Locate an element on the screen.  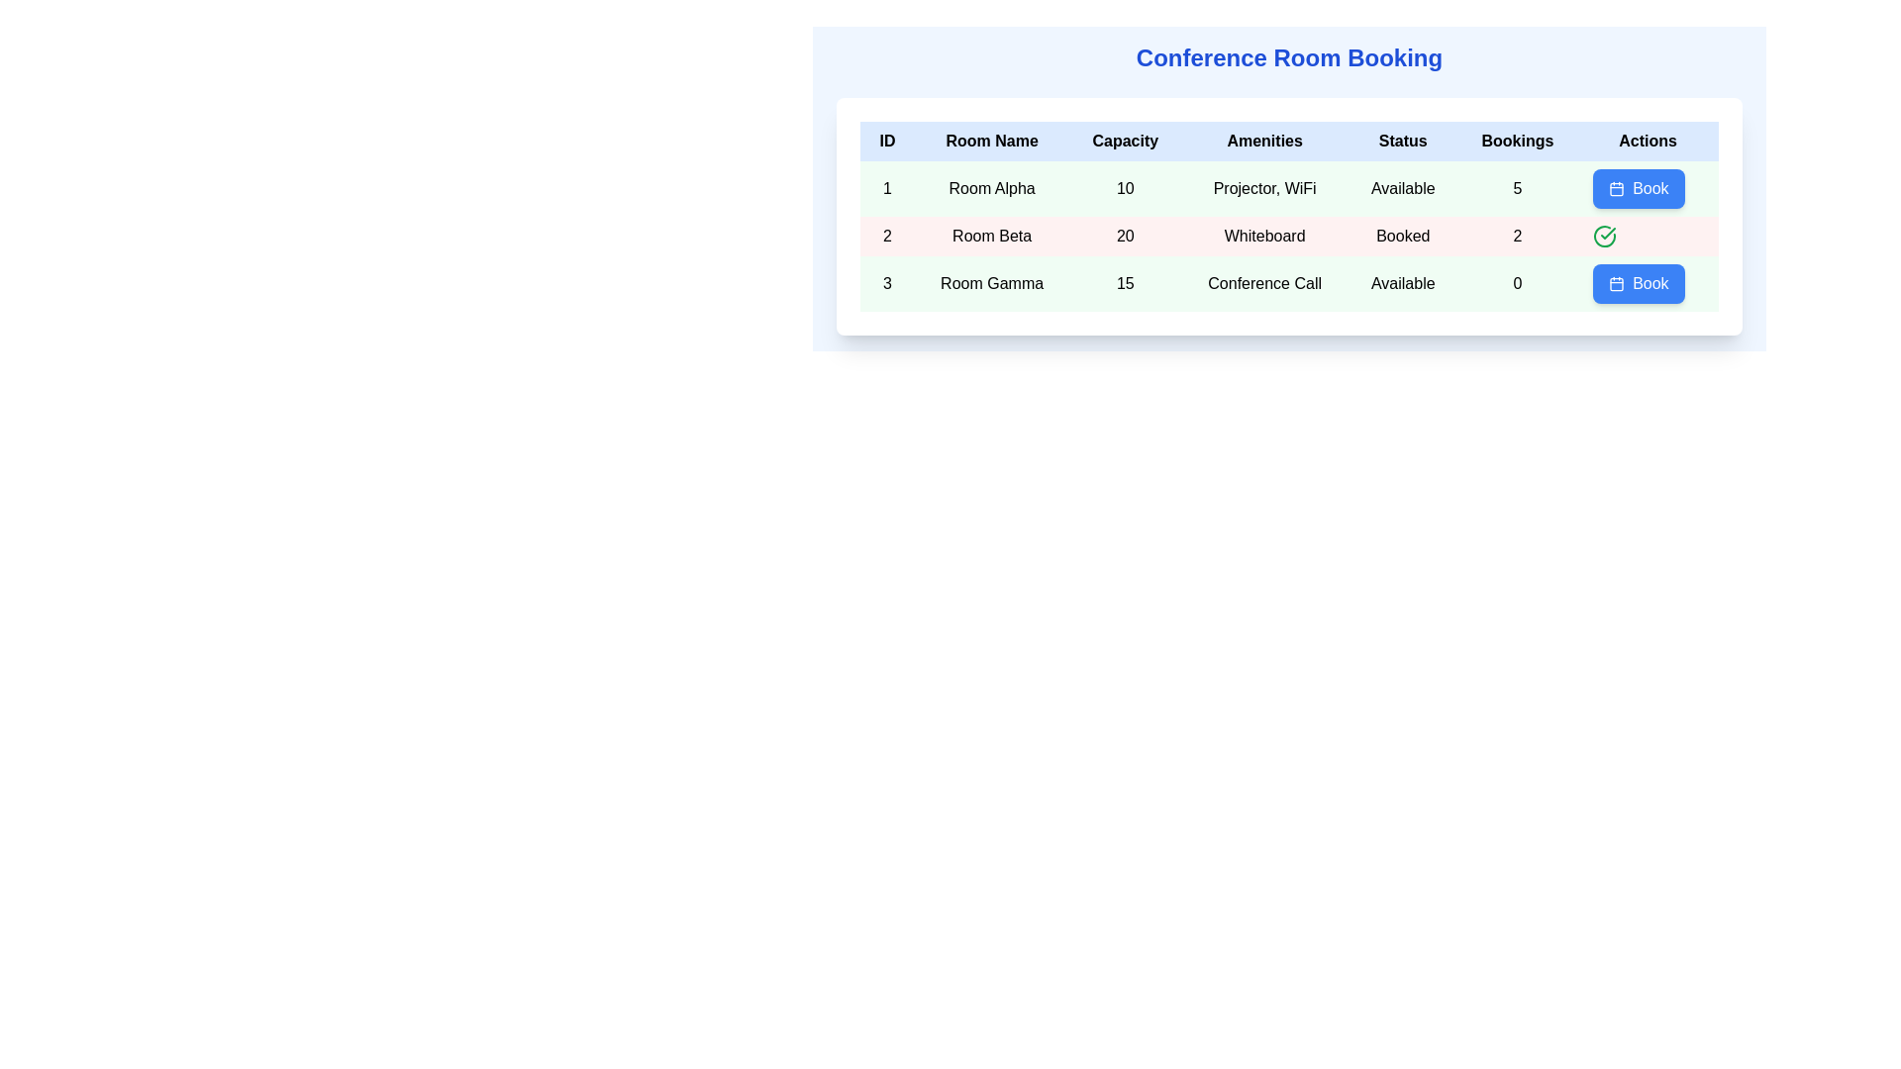
the calendar icon embedded in the 'Book' button for 'Room Gamma', which is styled with a blue background and white text is located at coordinates (1617, 189).